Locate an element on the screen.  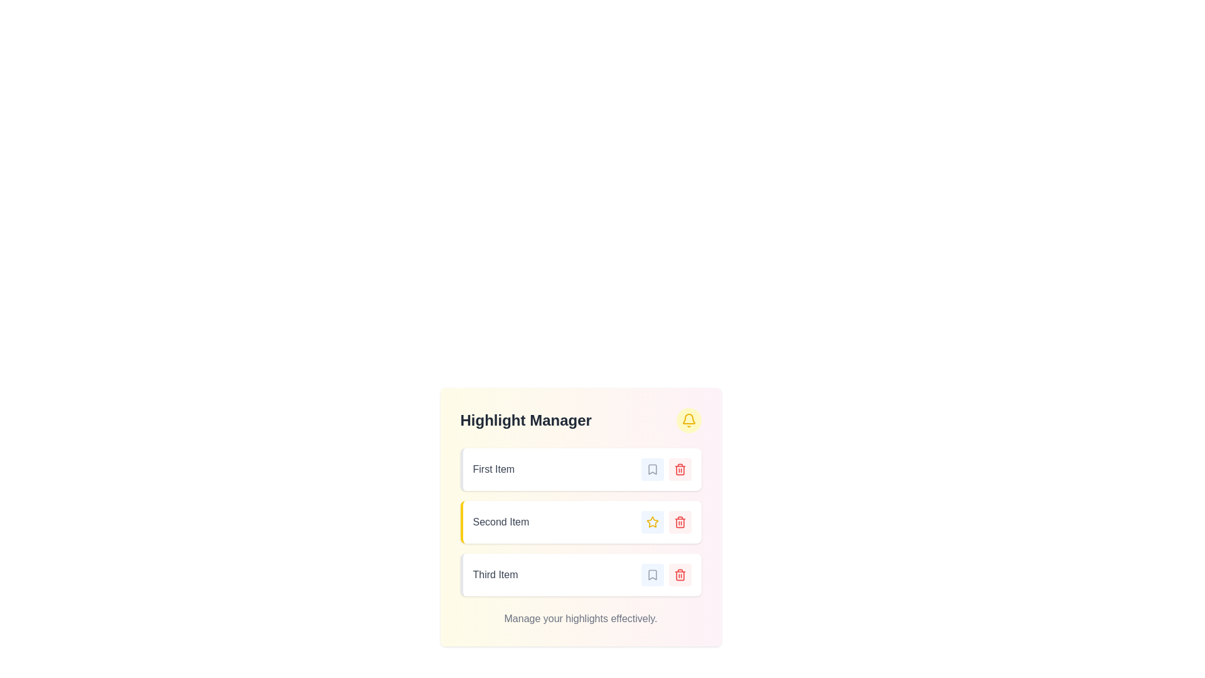
the 'Star' button to favorite the 'Second Item' in the list of the 'Highlight Manager' interface is located at coordinates (665, 522).